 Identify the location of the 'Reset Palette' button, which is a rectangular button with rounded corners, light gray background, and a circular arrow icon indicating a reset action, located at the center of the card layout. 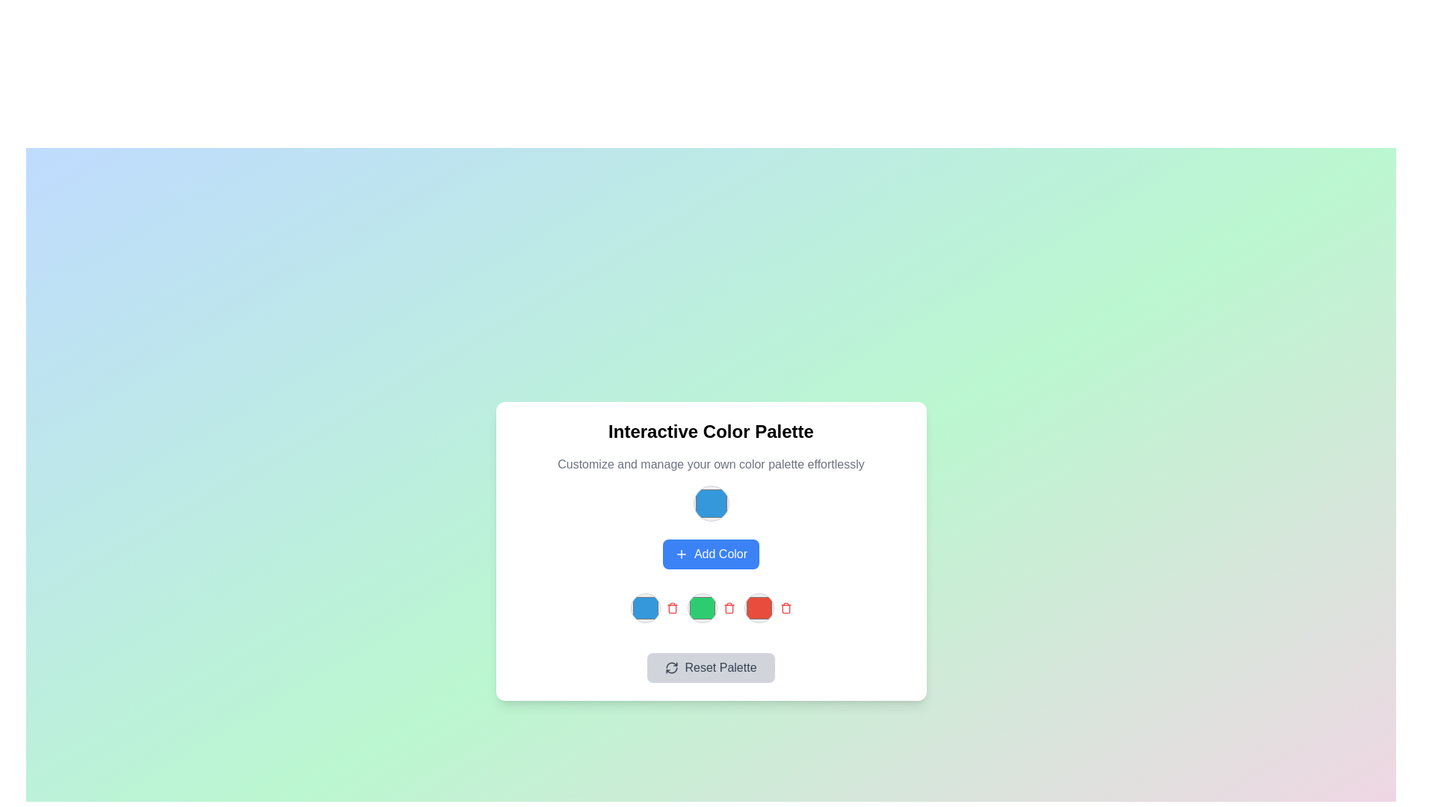
(710, 667).